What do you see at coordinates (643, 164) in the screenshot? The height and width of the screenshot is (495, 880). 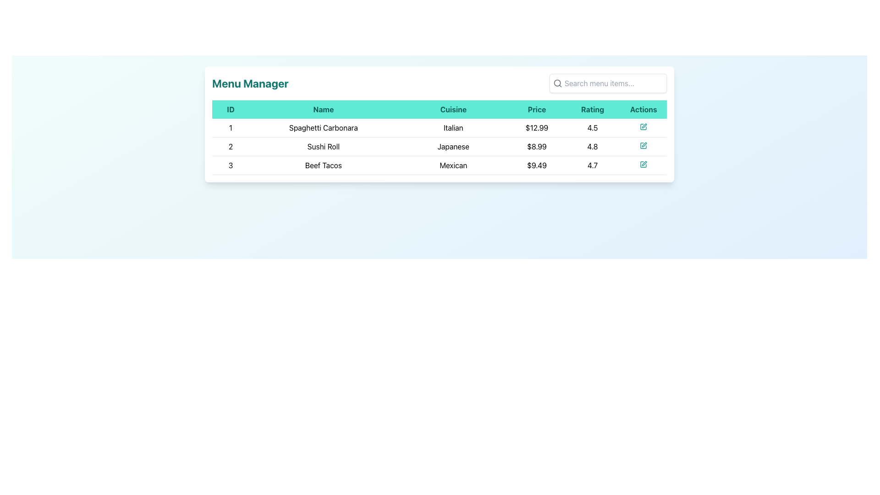 I see `the teal pen icon button located in the 'Actions' column of the third row in the table` at bounding box center [643, 164].